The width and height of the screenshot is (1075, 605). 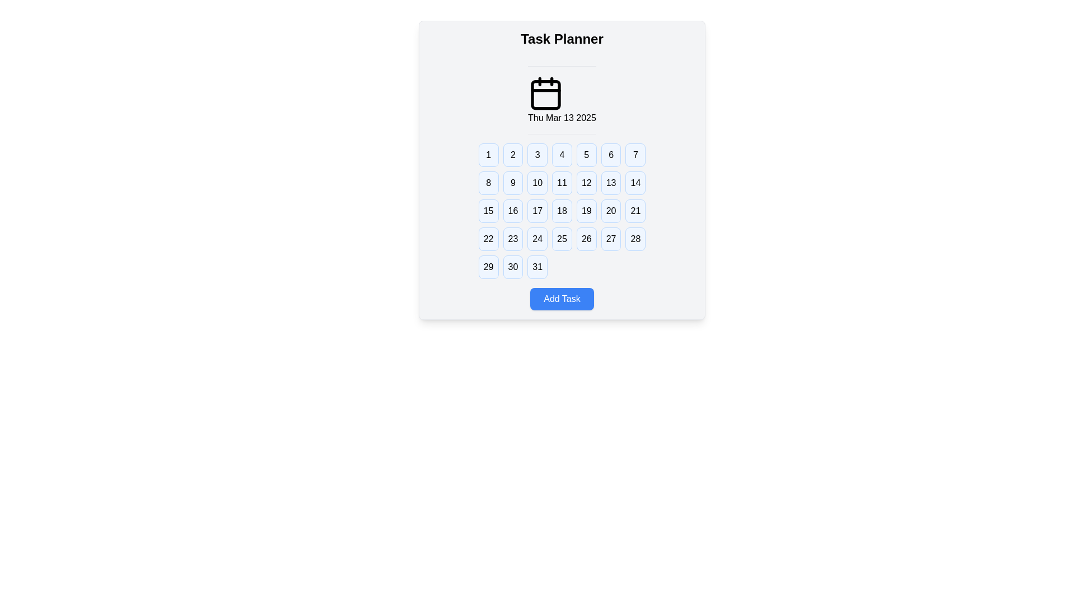 What do you see at coordinates (512, 183) in the screenshot?
I see `the square button with rounded corners that has a light blue background, a blue border, and displays the numeral '9' in bold, located in the second row and second column of the calendar month grid` at bounding box center [512, 183].